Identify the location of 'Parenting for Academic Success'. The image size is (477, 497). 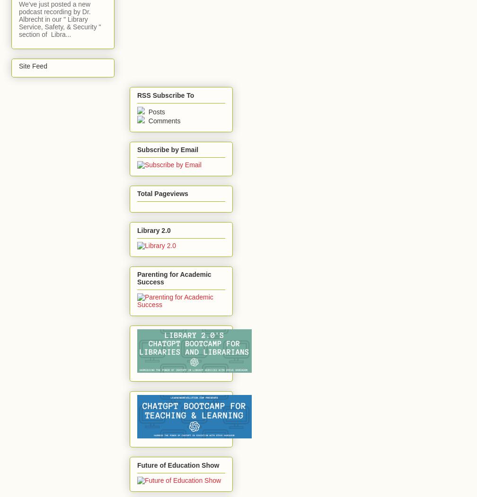
(174, 278).